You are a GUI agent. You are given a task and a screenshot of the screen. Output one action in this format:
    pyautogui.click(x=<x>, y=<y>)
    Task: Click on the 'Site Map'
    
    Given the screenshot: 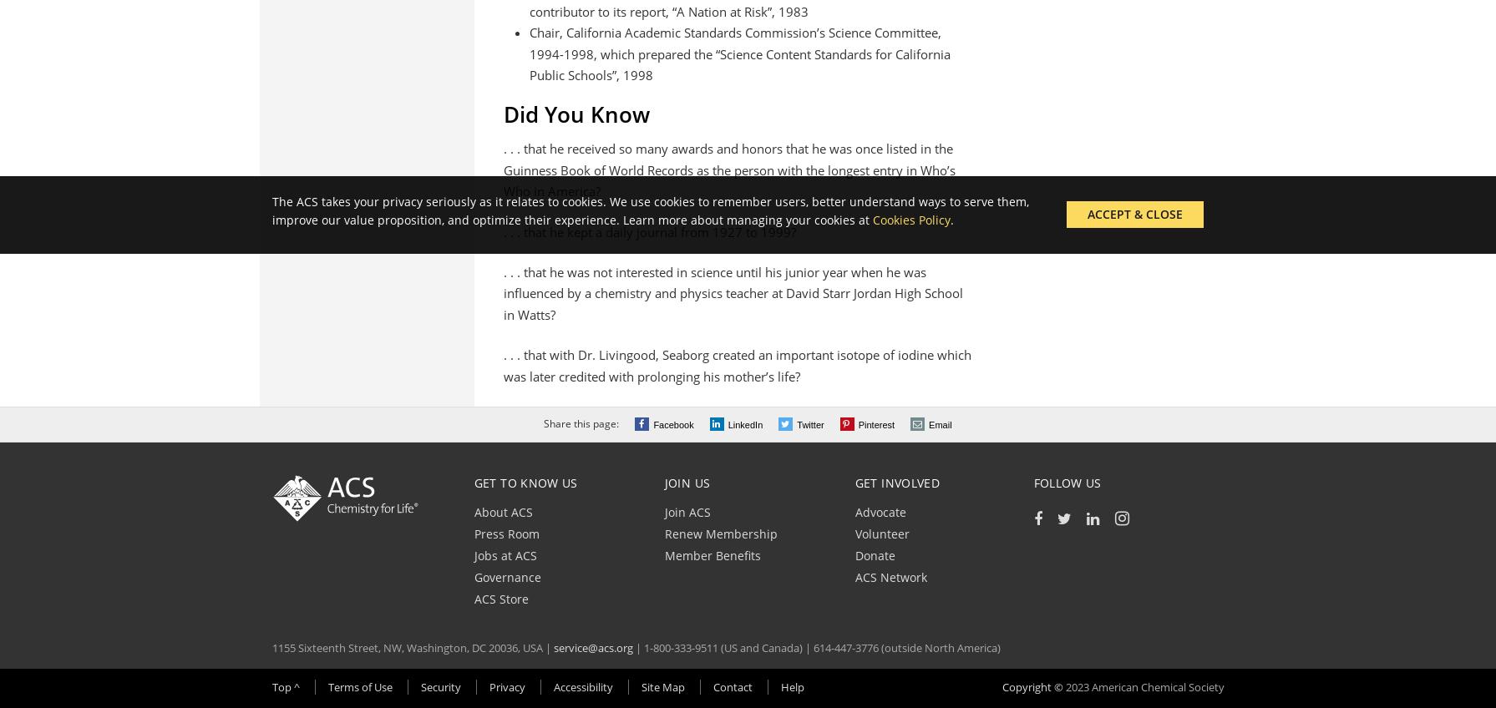 What is the action you would take?
    pyautogui.click(x=641, y=686)
    